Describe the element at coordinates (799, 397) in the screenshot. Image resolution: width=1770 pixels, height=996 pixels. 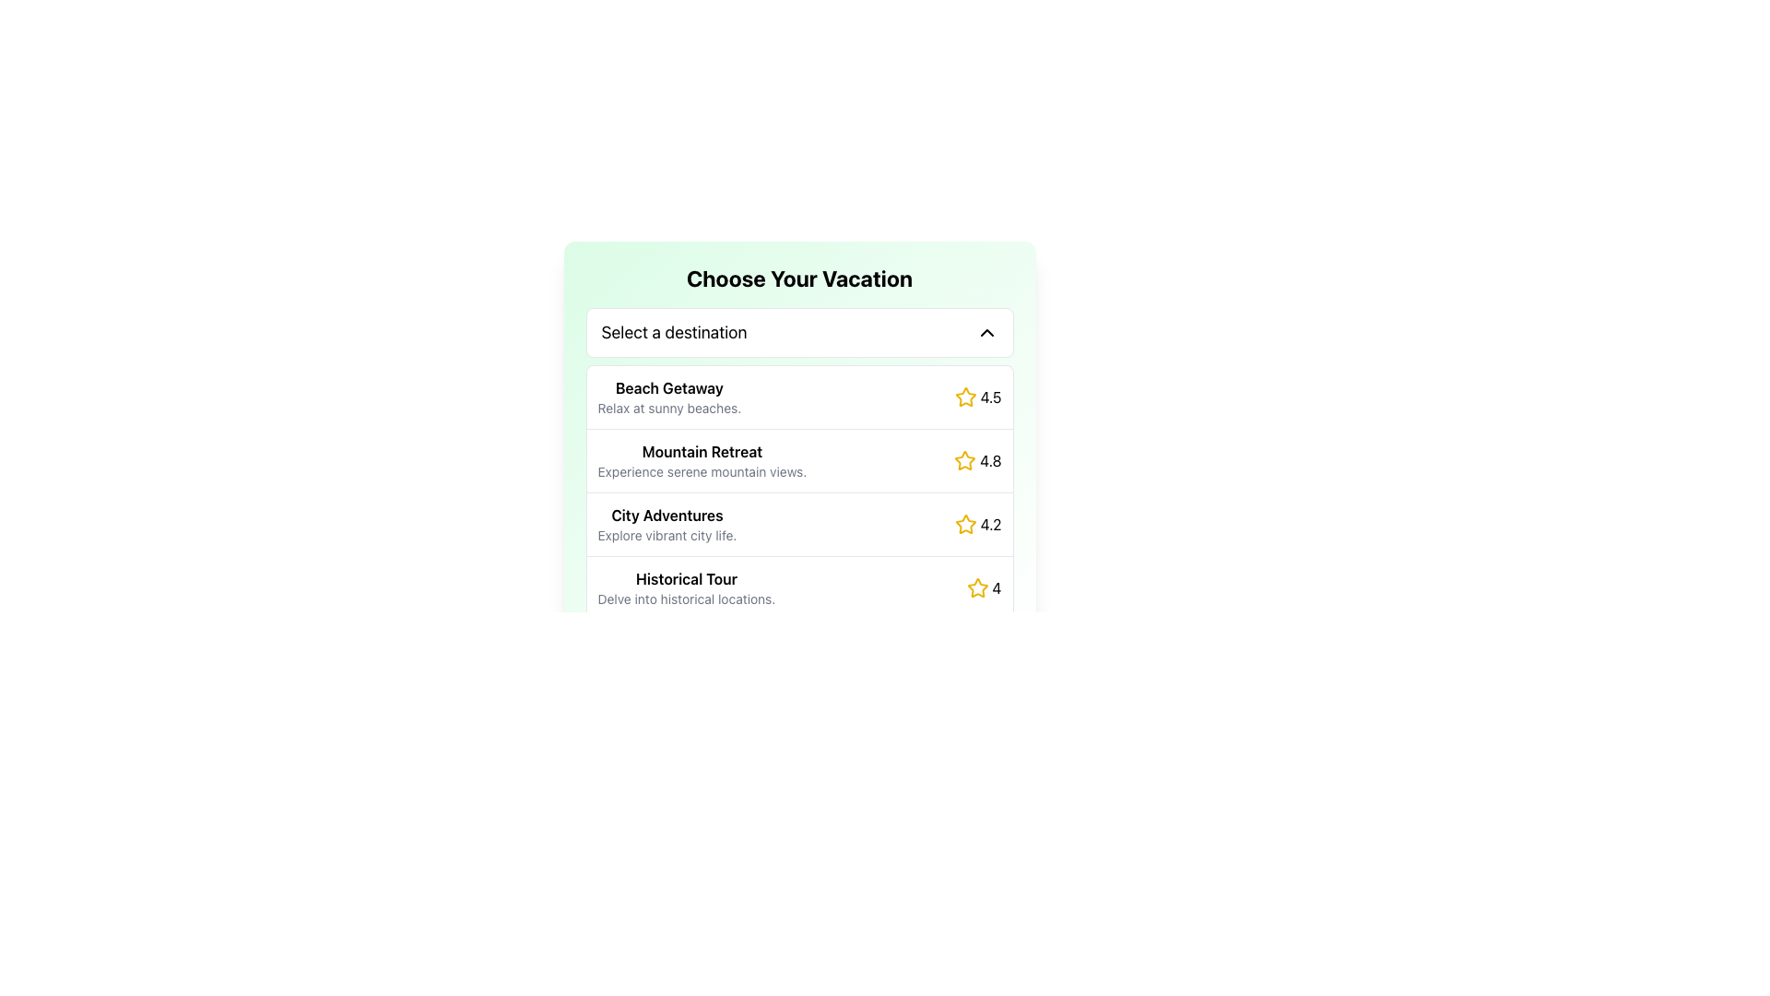
I see `the first selectable list item labeled 'Beach Getaway'` at that location.